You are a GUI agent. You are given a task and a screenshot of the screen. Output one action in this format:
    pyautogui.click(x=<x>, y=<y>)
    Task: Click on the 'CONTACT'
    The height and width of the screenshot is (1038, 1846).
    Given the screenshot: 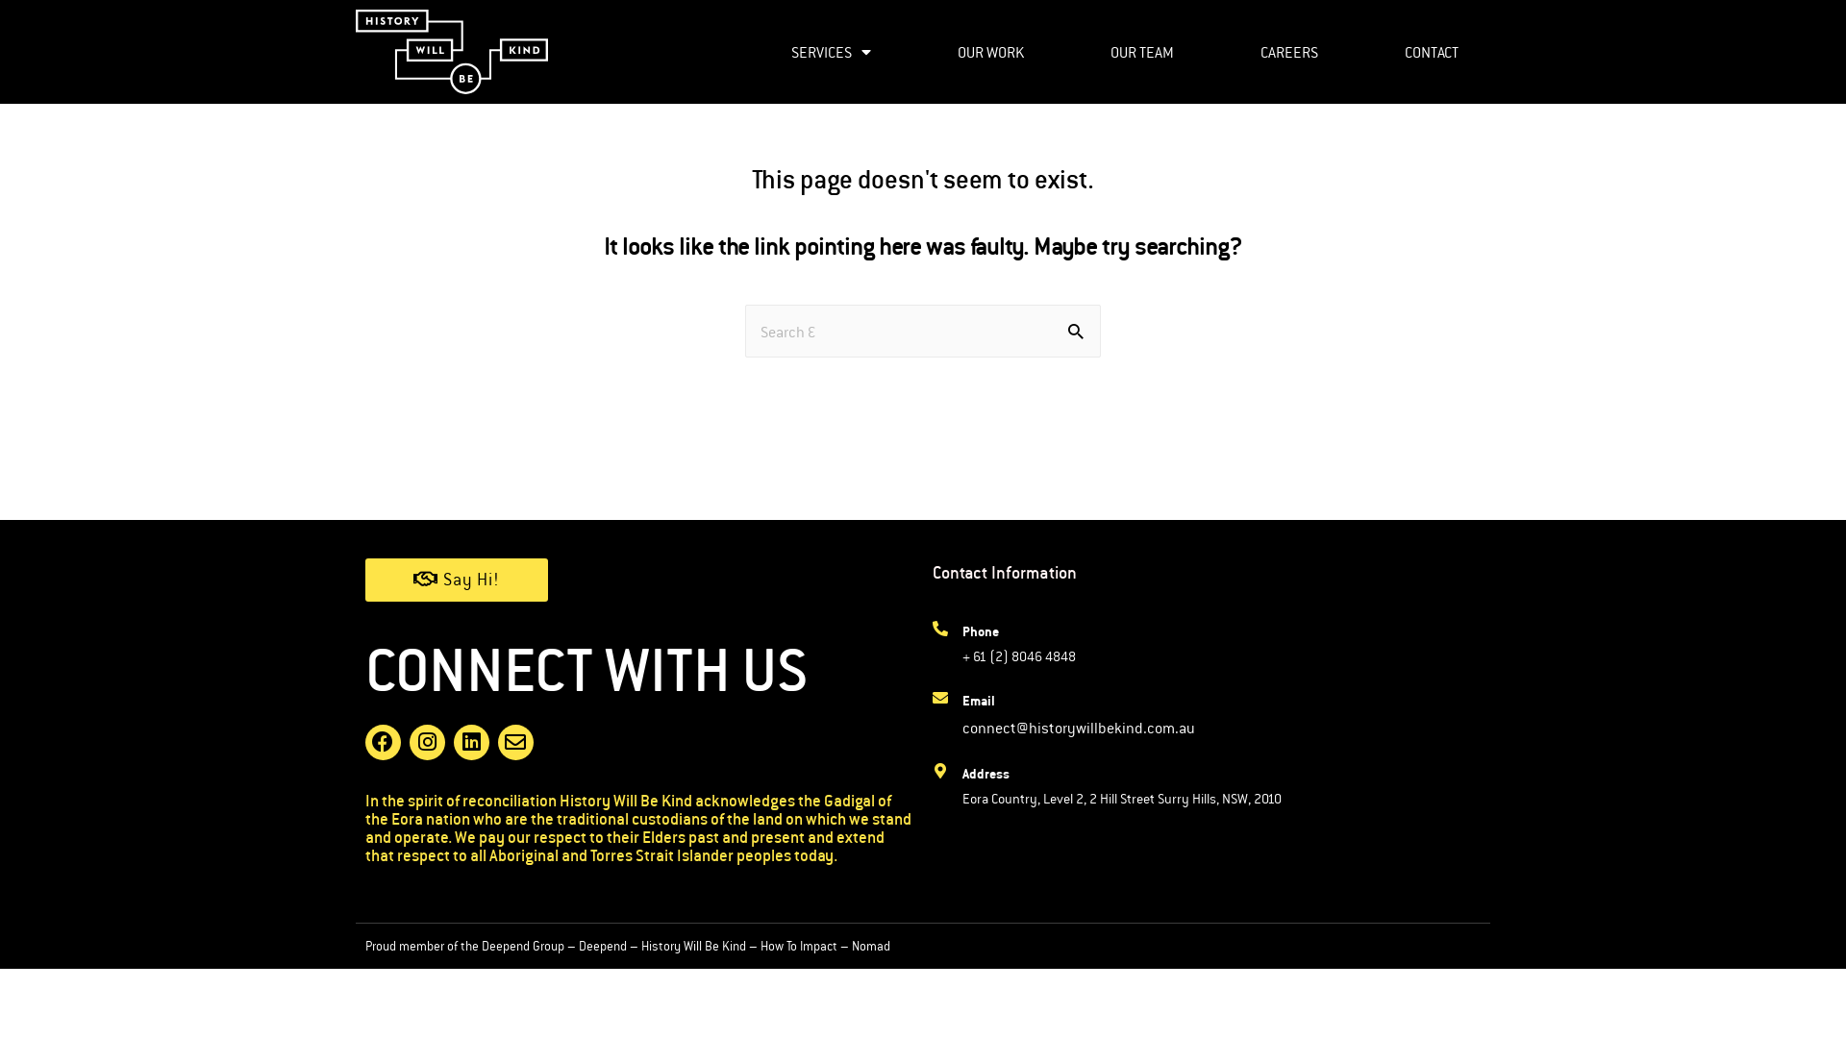 What is the action you would take?
    pyautogui.click(x=1373, y=51)
    